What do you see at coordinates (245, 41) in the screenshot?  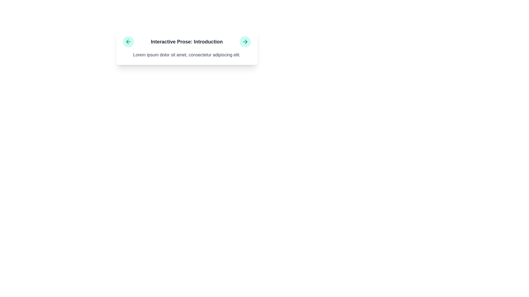 I see `the teal-colored arrow icon navigation button located at the top-right corner of the content card titled 'Interactive Prose: Introduction'` at bounding box center [245, 41].